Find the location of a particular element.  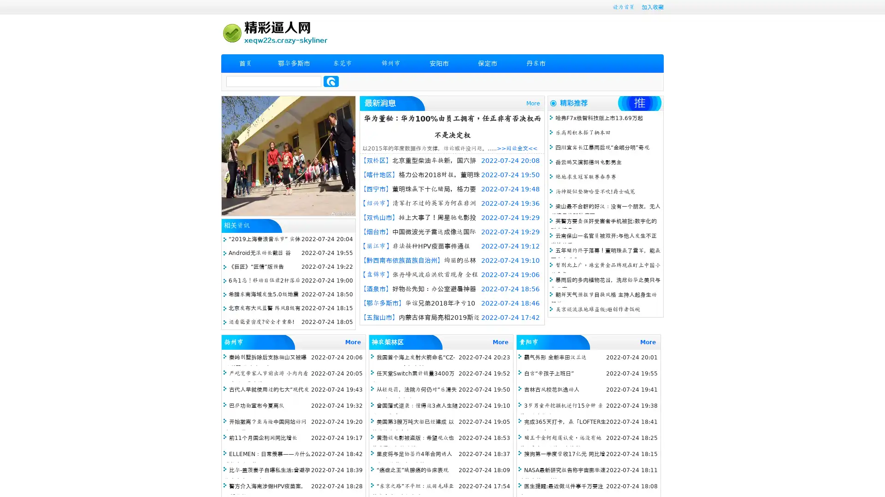

Search is located at coordinates (331, 81).